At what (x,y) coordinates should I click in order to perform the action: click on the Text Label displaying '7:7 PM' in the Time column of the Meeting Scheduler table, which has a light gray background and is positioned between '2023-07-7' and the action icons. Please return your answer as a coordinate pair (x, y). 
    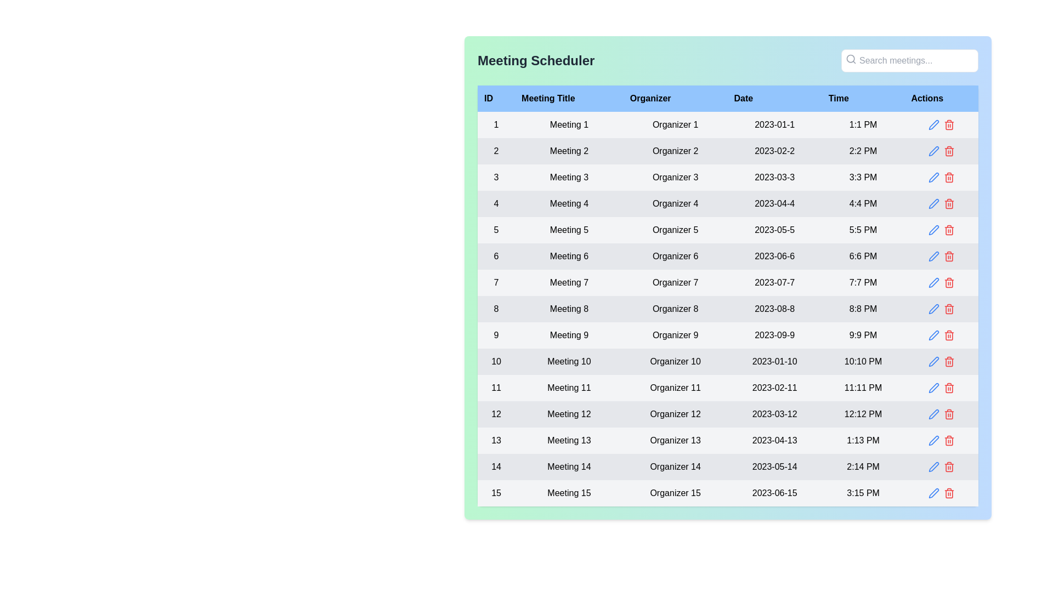
    Looking at the image, I should click on (863, 282).